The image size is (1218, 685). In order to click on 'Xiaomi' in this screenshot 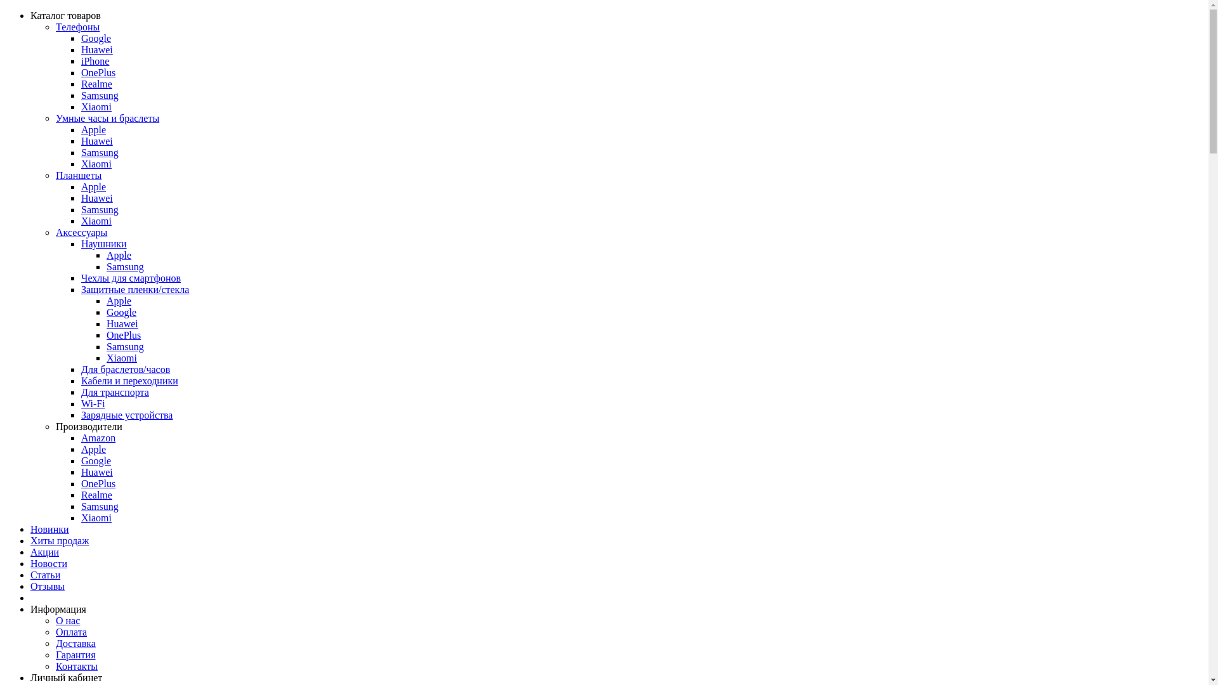, I will do `click(81, 106)`.